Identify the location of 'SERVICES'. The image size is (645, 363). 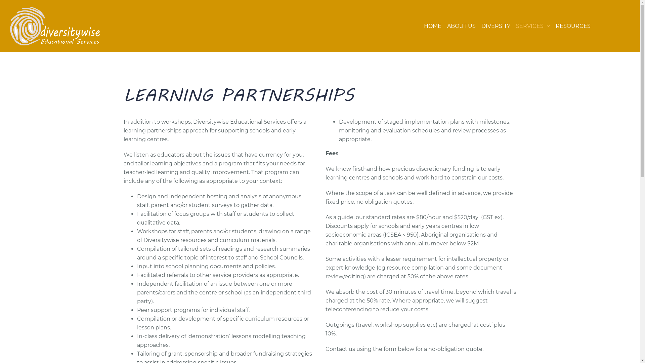
(516, 26).